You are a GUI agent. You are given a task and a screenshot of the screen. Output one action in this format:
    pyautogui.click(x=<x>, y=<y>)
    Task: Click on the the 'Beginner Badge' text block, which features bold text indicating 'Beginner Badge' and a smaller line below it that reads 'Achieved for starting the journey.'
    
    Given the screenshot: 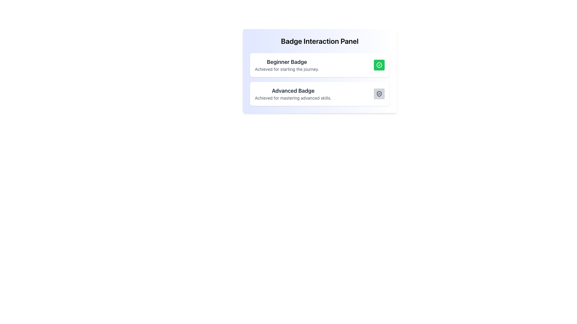 What is the action you would take?
    pyautogui.click(x=286, y=65)
    